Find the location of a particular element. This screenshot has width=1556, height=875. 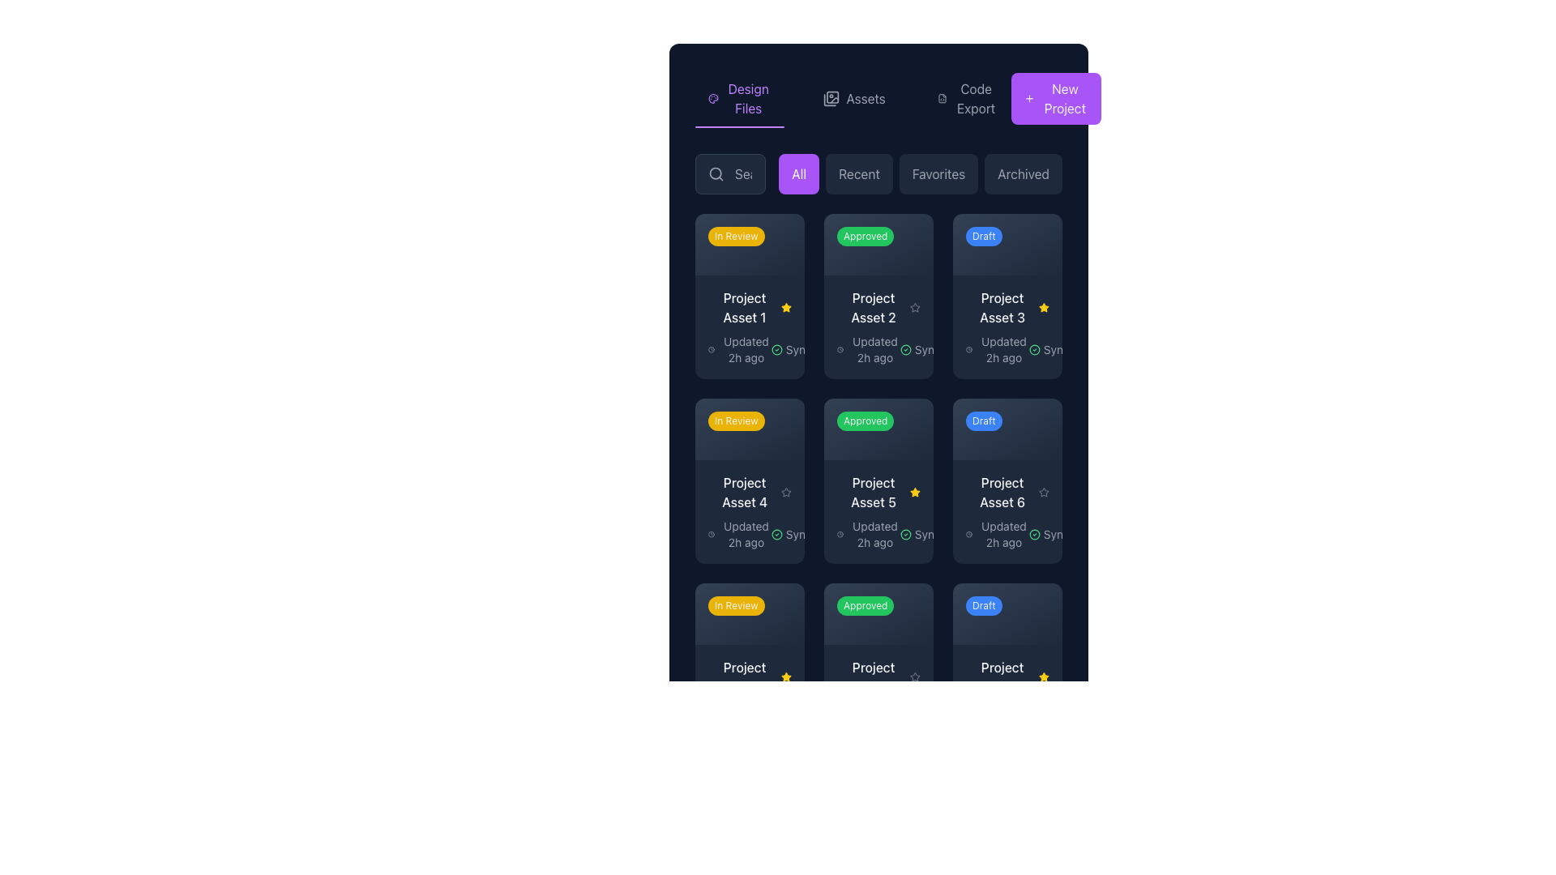

the green Circle SVG element that indicates an 'approved' state in the second column of the second row of project cards is located at coordinates (776, 534).